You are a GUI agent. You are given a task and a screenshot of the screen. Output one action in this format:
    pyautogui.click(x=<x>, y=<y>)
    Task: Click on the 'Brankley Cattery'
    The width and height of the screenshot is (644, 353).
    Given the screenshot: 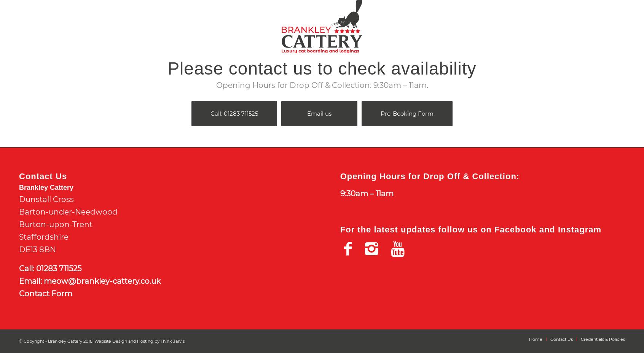 What is the action you would take?
    pyautogui.click(x=46, y=187)
    